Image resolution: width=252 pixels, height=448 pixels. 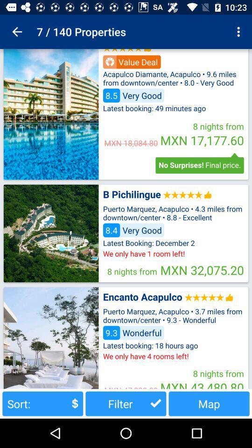 I want to click on more photos of property, so click(x=51, y=114).